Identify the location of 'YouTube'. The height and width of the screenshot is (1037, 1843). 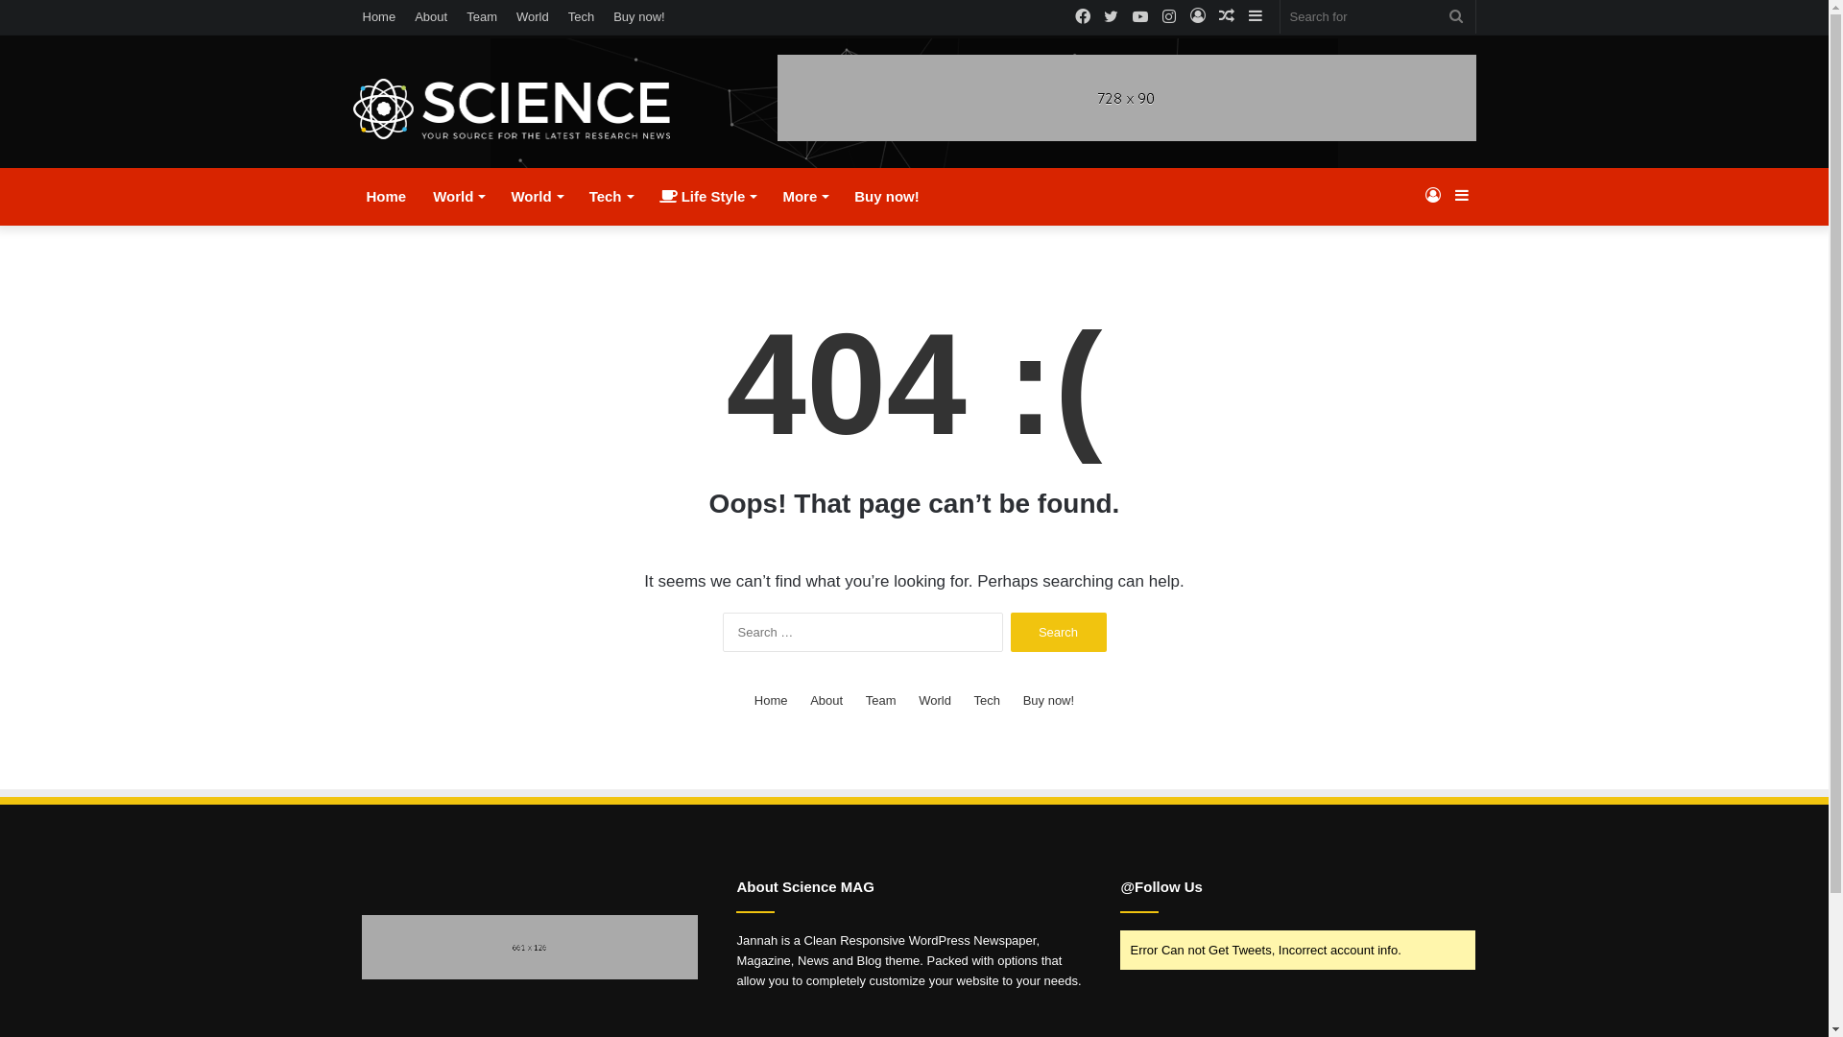
(1140, 17).